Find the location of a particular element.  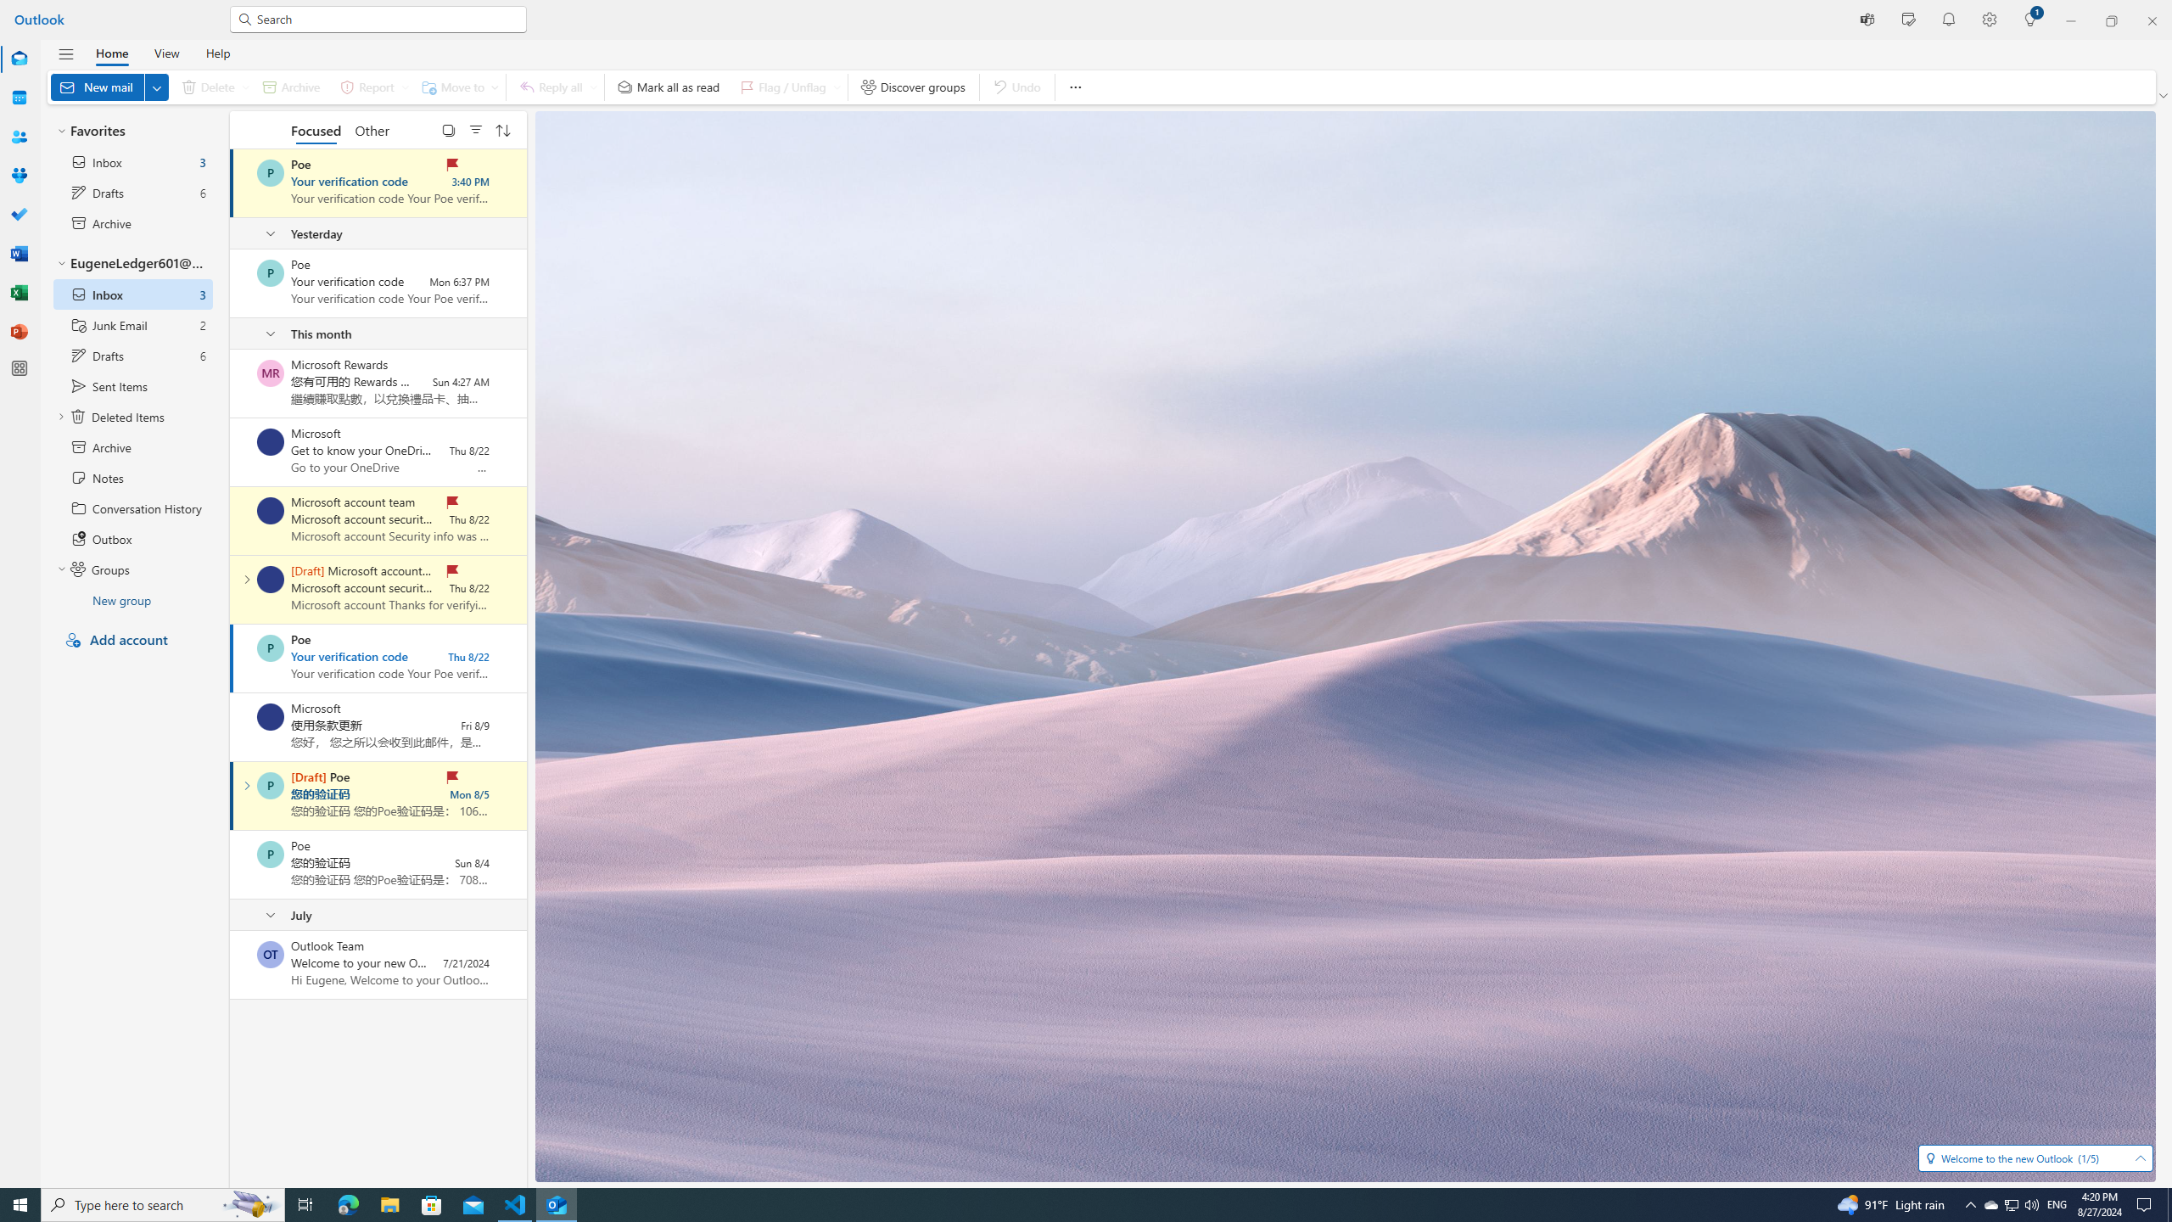

'System' is located at coordinates (9, 8).